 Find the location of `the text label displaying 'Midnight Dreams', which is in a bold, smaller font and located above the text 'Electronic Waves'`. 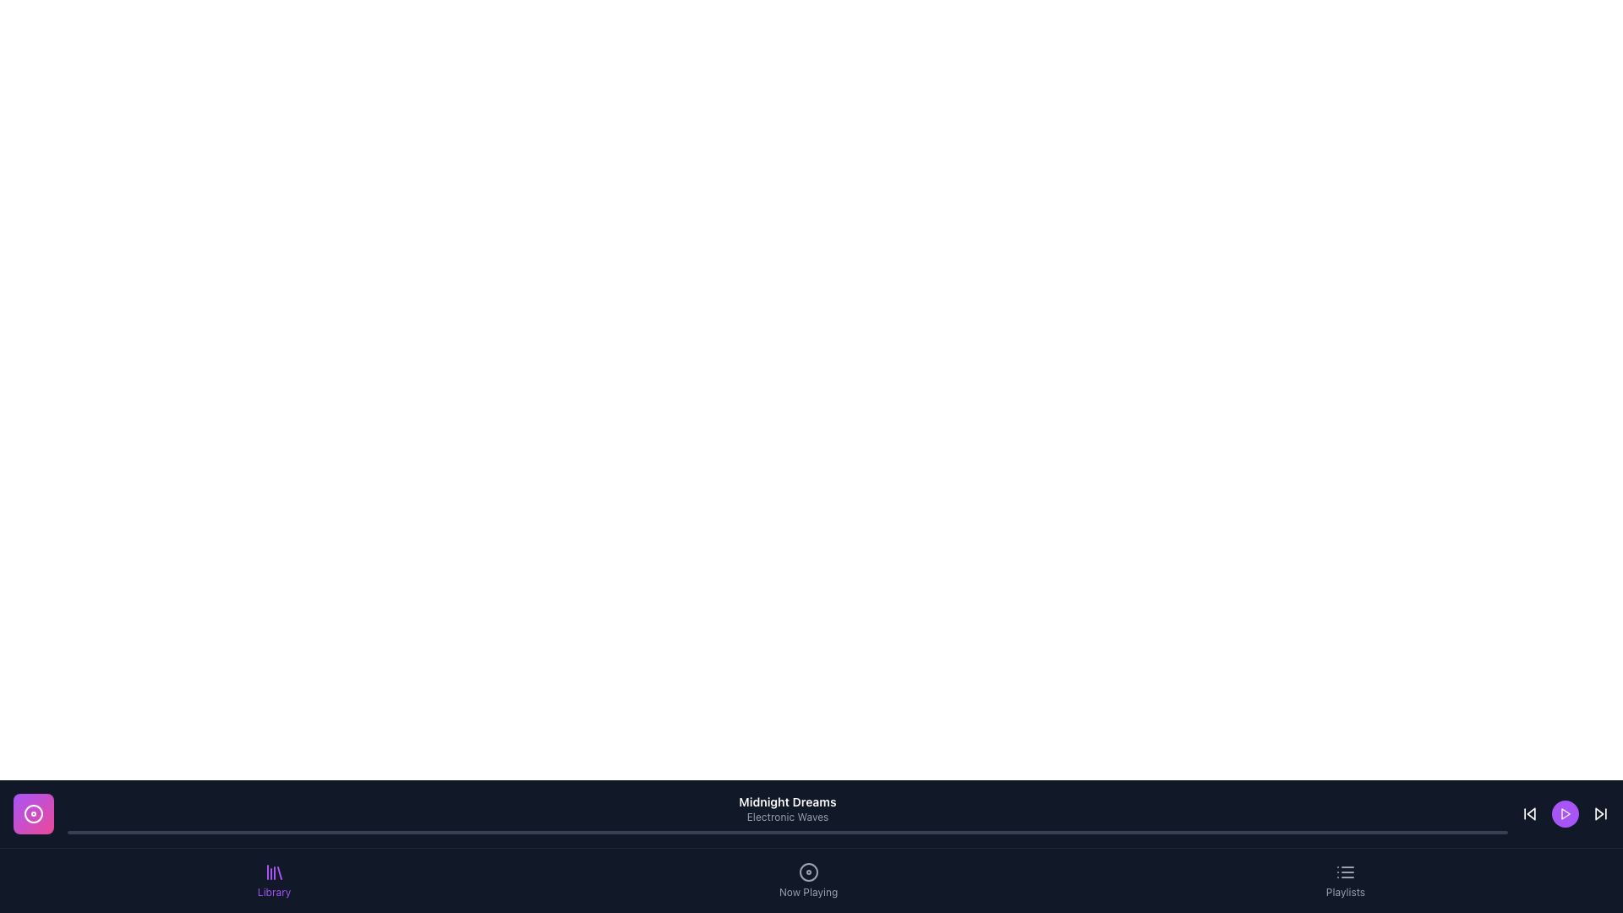

the text label displaying 'Midnight Dreams', which is in a bold, smaller font and located above the text 'Electronic Waves' is located at coordinates (786, 801).